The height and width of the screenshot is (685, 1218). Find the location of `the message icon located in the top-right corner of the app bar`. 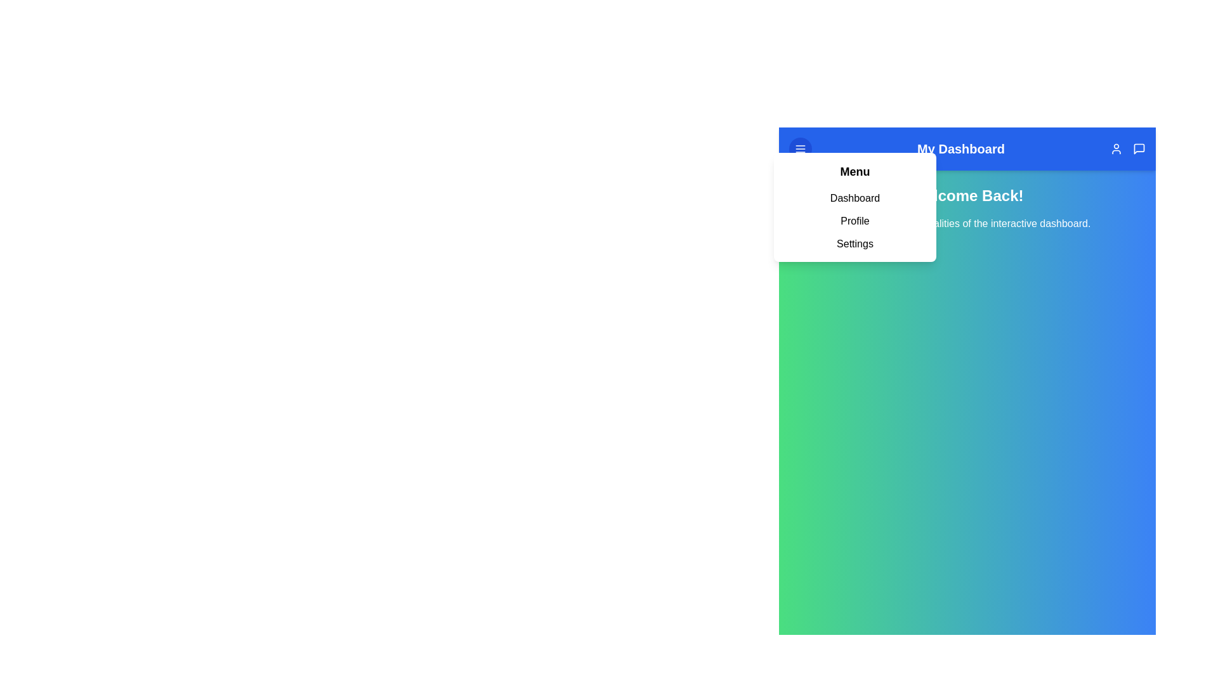

the message icon located in the top-right corner of the app bar is located at coordinates (1139, 148).